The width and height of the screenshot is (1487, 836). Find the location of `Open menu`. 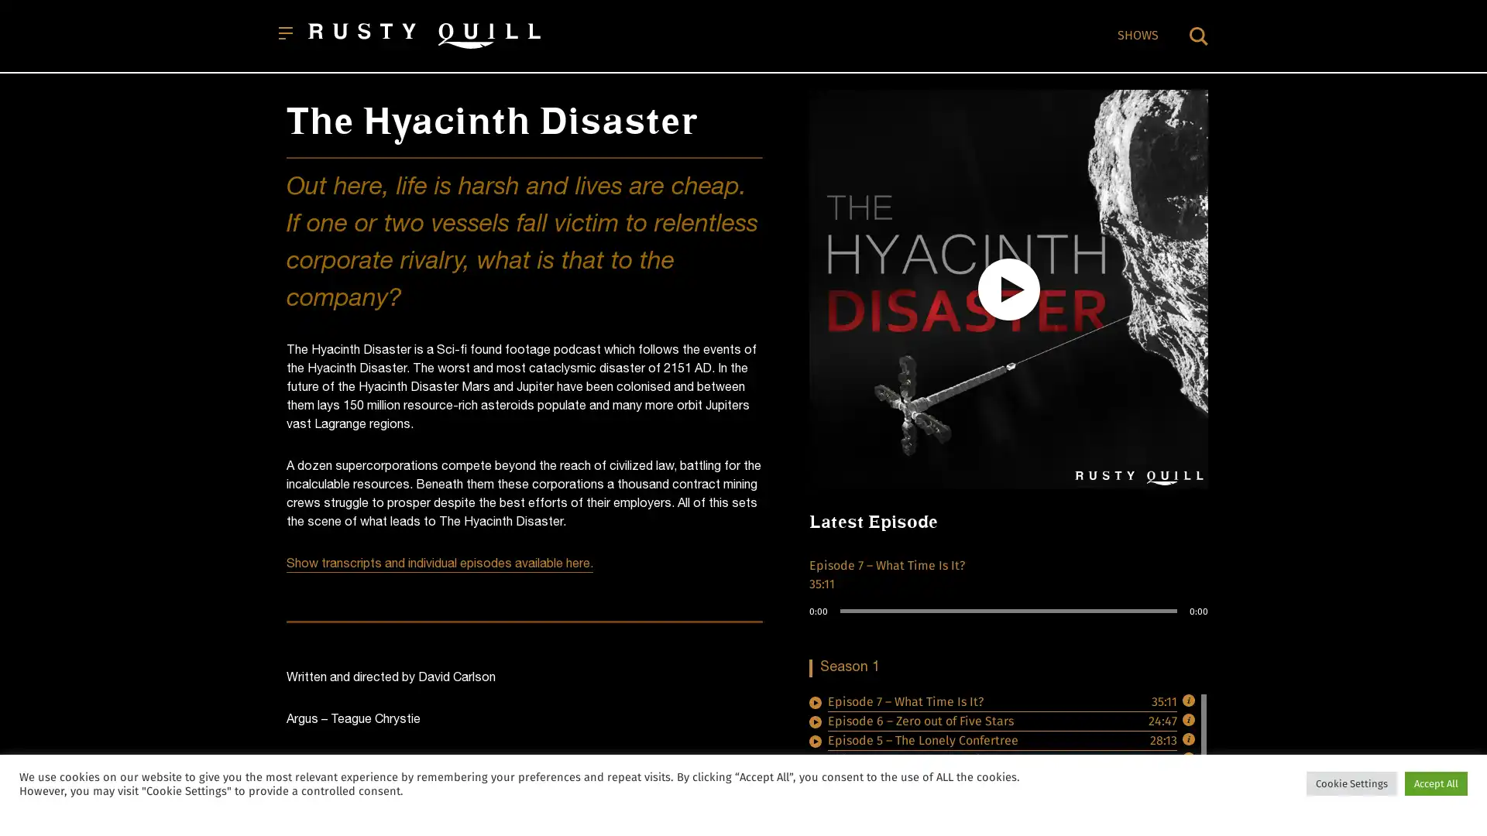

Open menu is located at coordinates (286, 33).